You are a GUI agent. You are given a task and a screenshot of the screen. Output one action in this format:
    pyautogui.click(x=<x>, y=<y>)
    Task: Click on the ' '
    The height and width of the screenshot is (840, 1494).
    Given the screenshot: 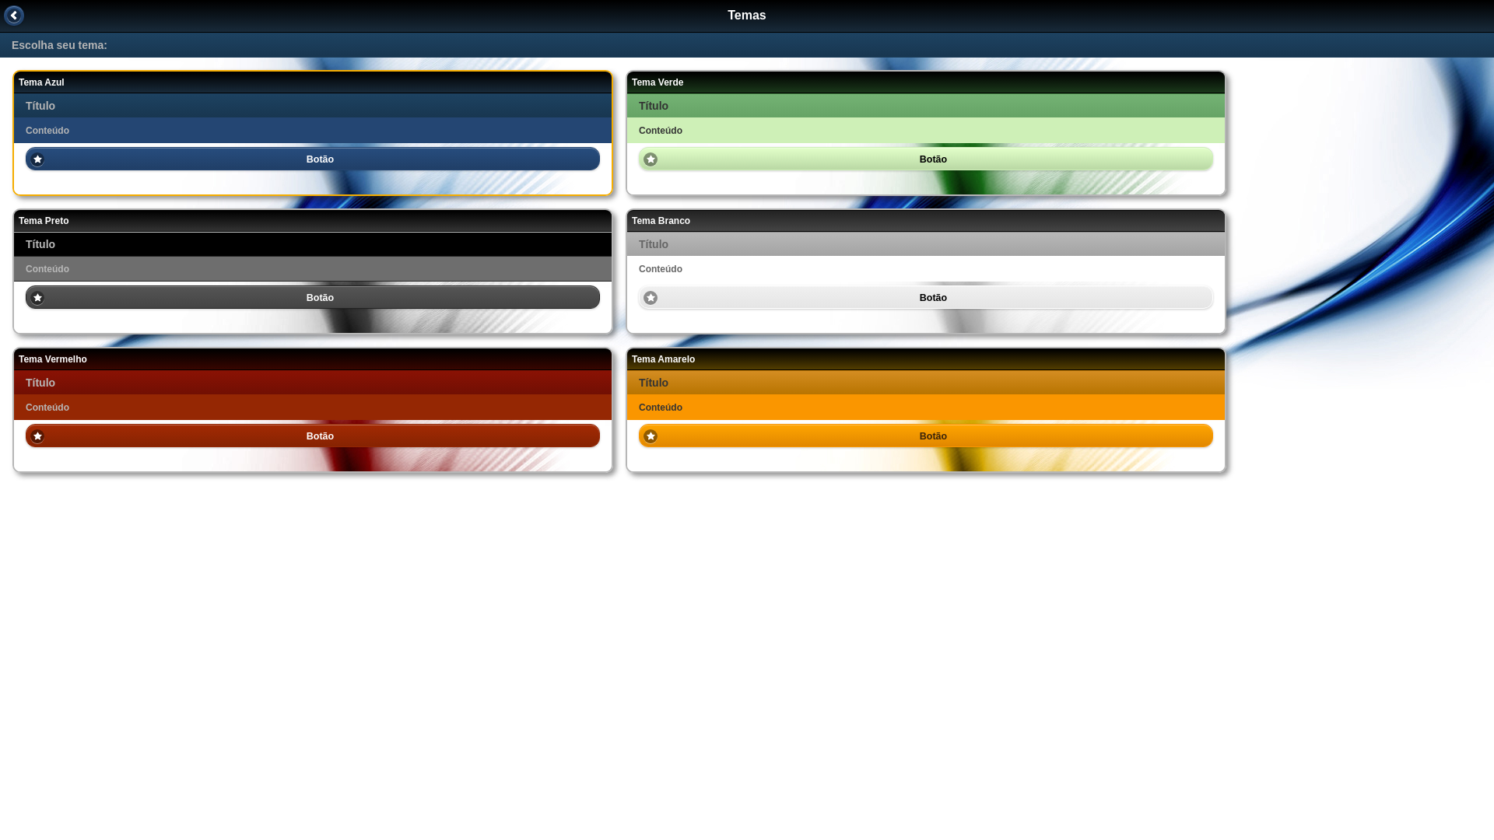 What is the action you would take?
    pyautogui.click(x=14, y=15)
    